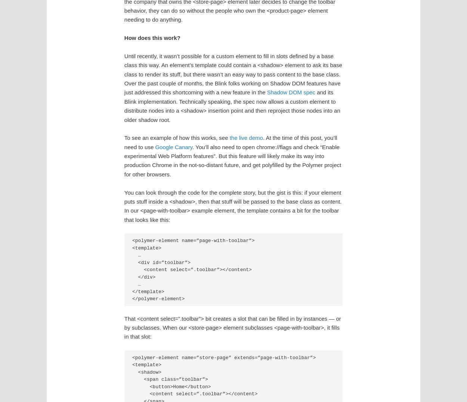  Describe the element at coordinates (193, 269) in the screenshot. I see `'<polymer-element name=”page-with-toolbar”>
<template>
  …
  <div id=”toolbar”>
    <content select=”.toolbar”></content>
  </div>
  …
</template>
</polymer-element>'` at that location.